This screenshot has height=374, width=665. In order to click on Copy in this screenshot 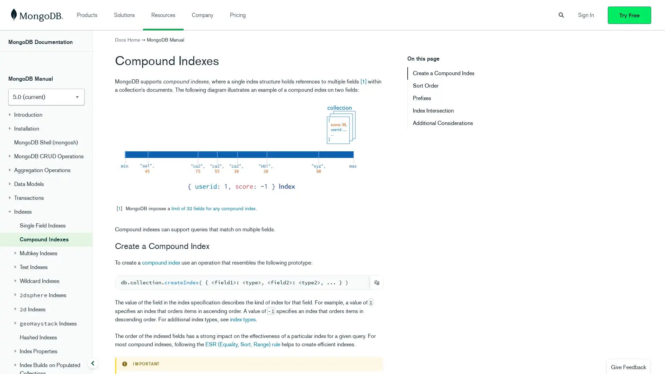, I will do `click(376, 283)`.